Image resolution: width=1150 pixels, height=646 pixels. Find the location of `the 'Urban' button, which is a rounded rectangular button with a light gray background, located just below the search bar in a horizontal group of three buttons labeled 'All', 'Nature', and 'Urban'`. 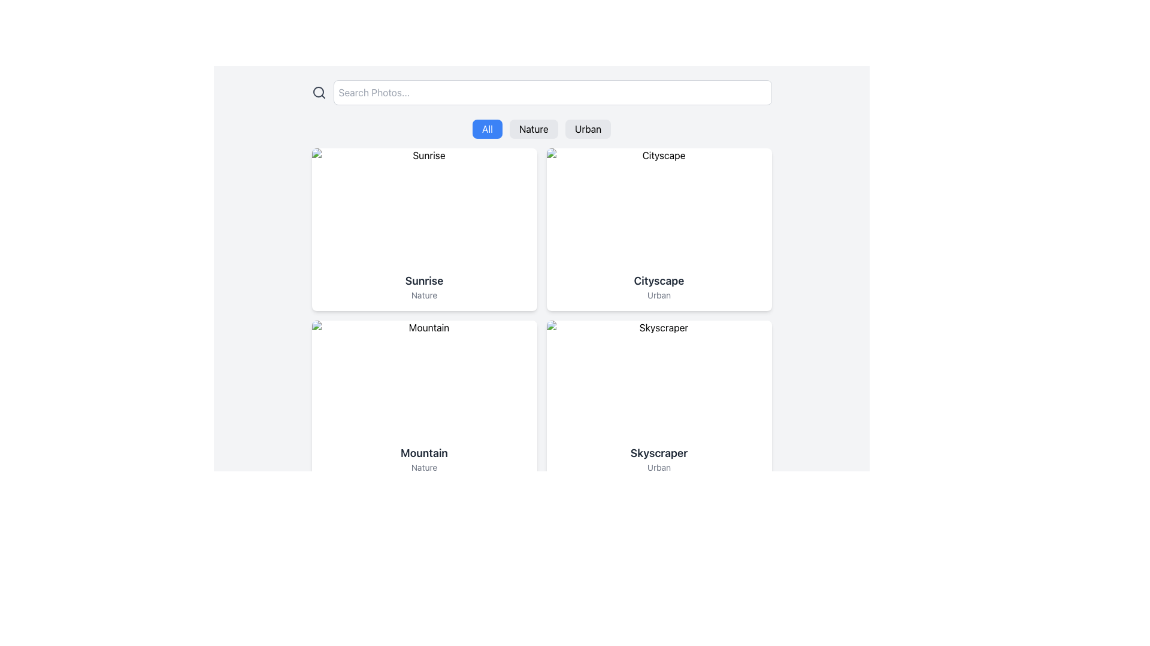

the 'Urban' button, which is a rounded rectangular button with a light gray background, located just below the search bar in a horizontal group of three buttons labeled 'All', 'Nature', and 'Urban' is located at coordinates (588, 129).